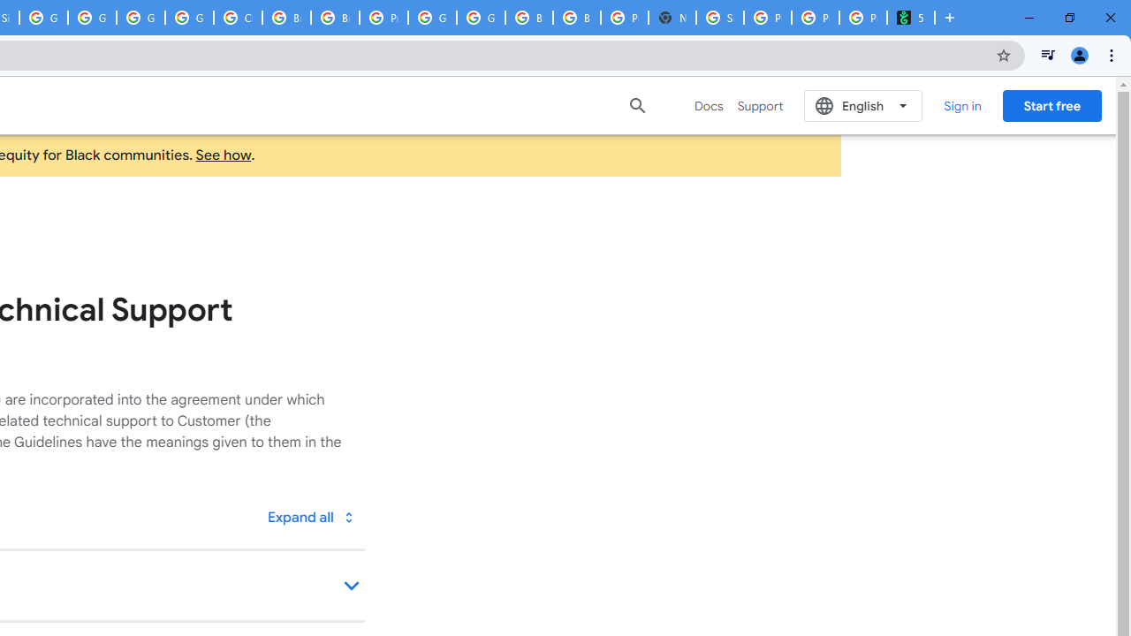  What do you see at coordinates (671, 18) in the screenshot?
I see `'New Tab'` at bounding box center [671, 18].